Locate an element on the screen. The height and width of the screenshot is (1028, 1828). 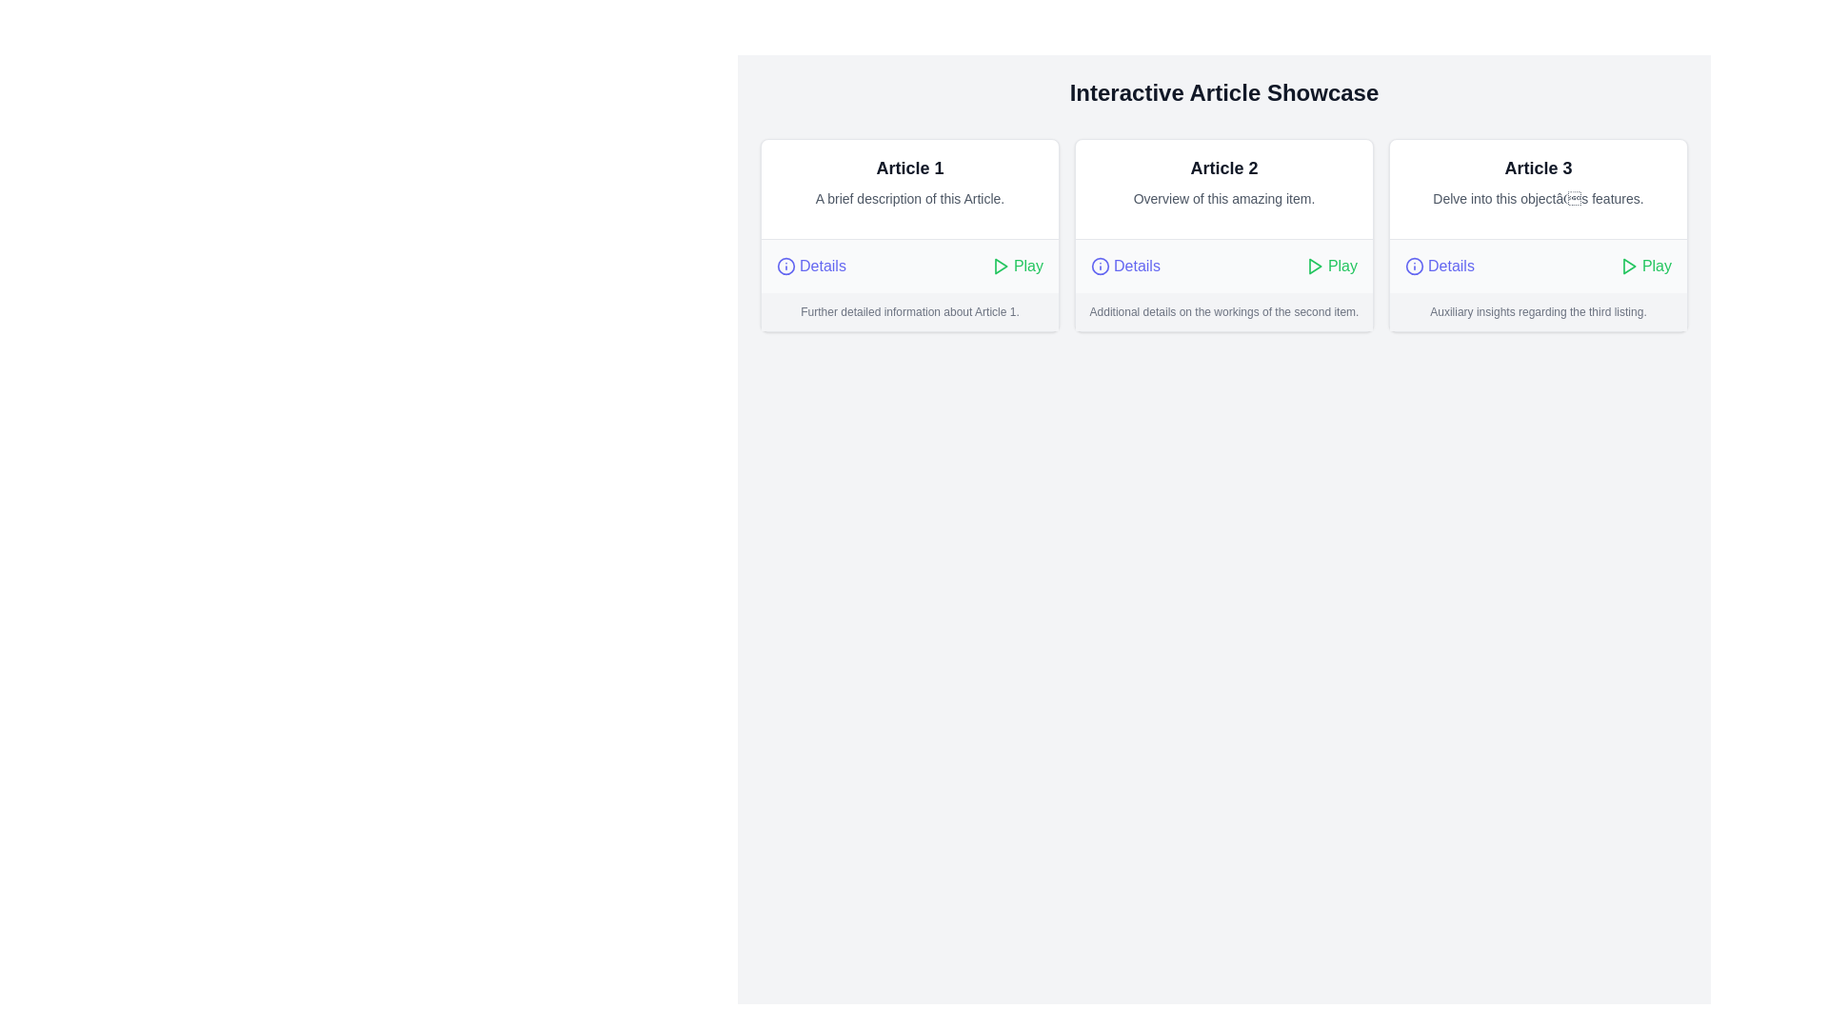
the descriptive text link for the second article in the grid layout is located at coordinates (1137, 267).